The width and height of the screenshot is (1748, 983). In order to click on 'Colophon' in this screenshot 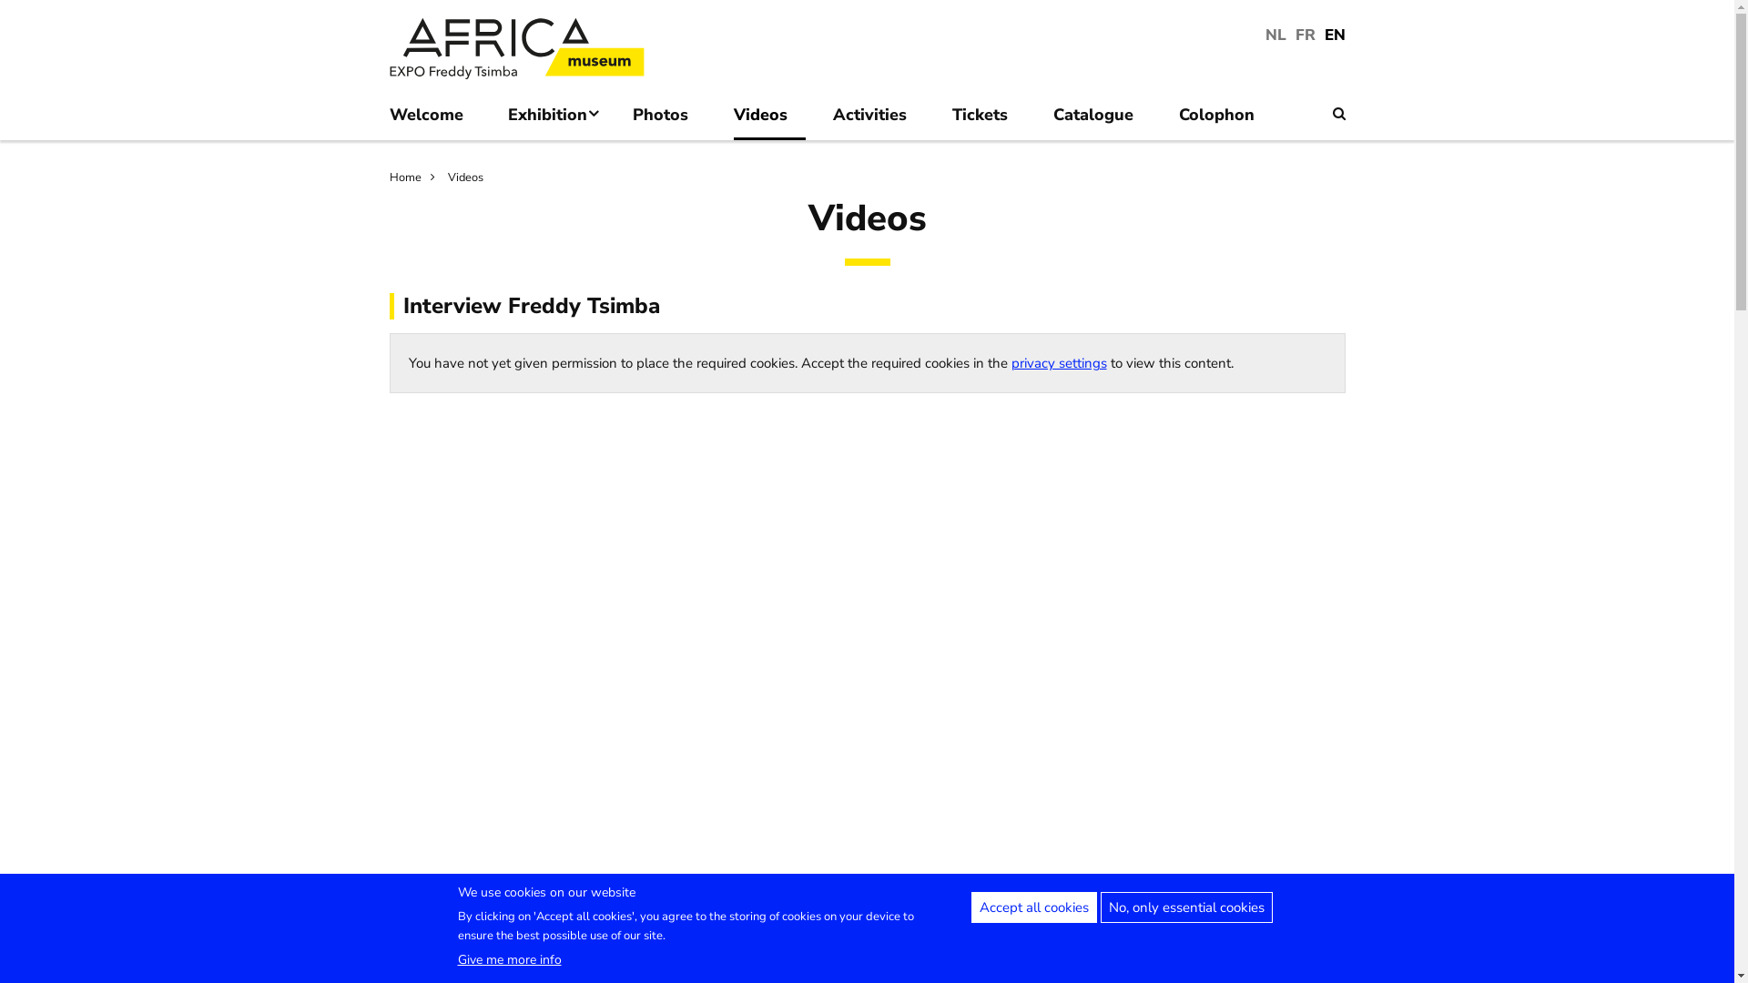, I will do `click(1225, 119)`.